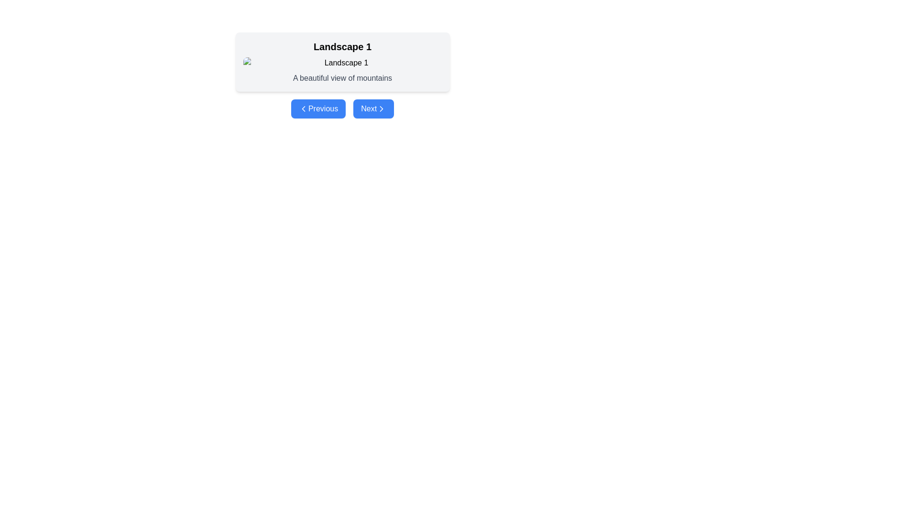  I want to click on the leftmost button that allows backward navigation to go to the previous item or page, so click(318, 108).